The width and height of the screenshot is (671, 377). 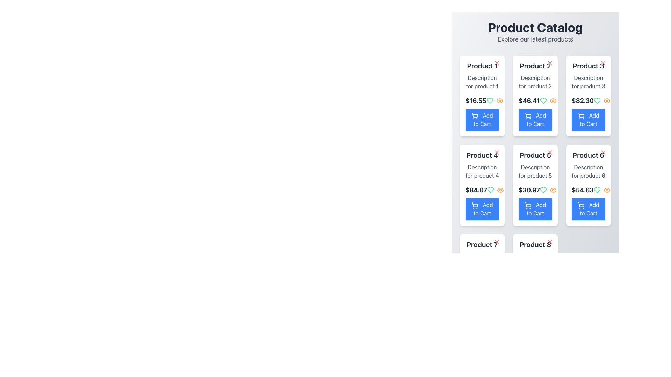 What do you see at coordinates (588, 119) in the screenshot?
I see `the blue 'Add to Cart' button with a shopping cart icon located in the lower portion of the 'Product 3' card` at bounding box center [588, 119].